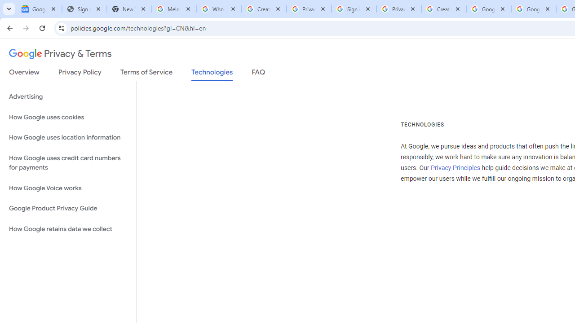  What do you see at coordinates (354, 9) in the screenshot?
I see `'Sign in - Google Accounts'` at bounding box center [354, 9].